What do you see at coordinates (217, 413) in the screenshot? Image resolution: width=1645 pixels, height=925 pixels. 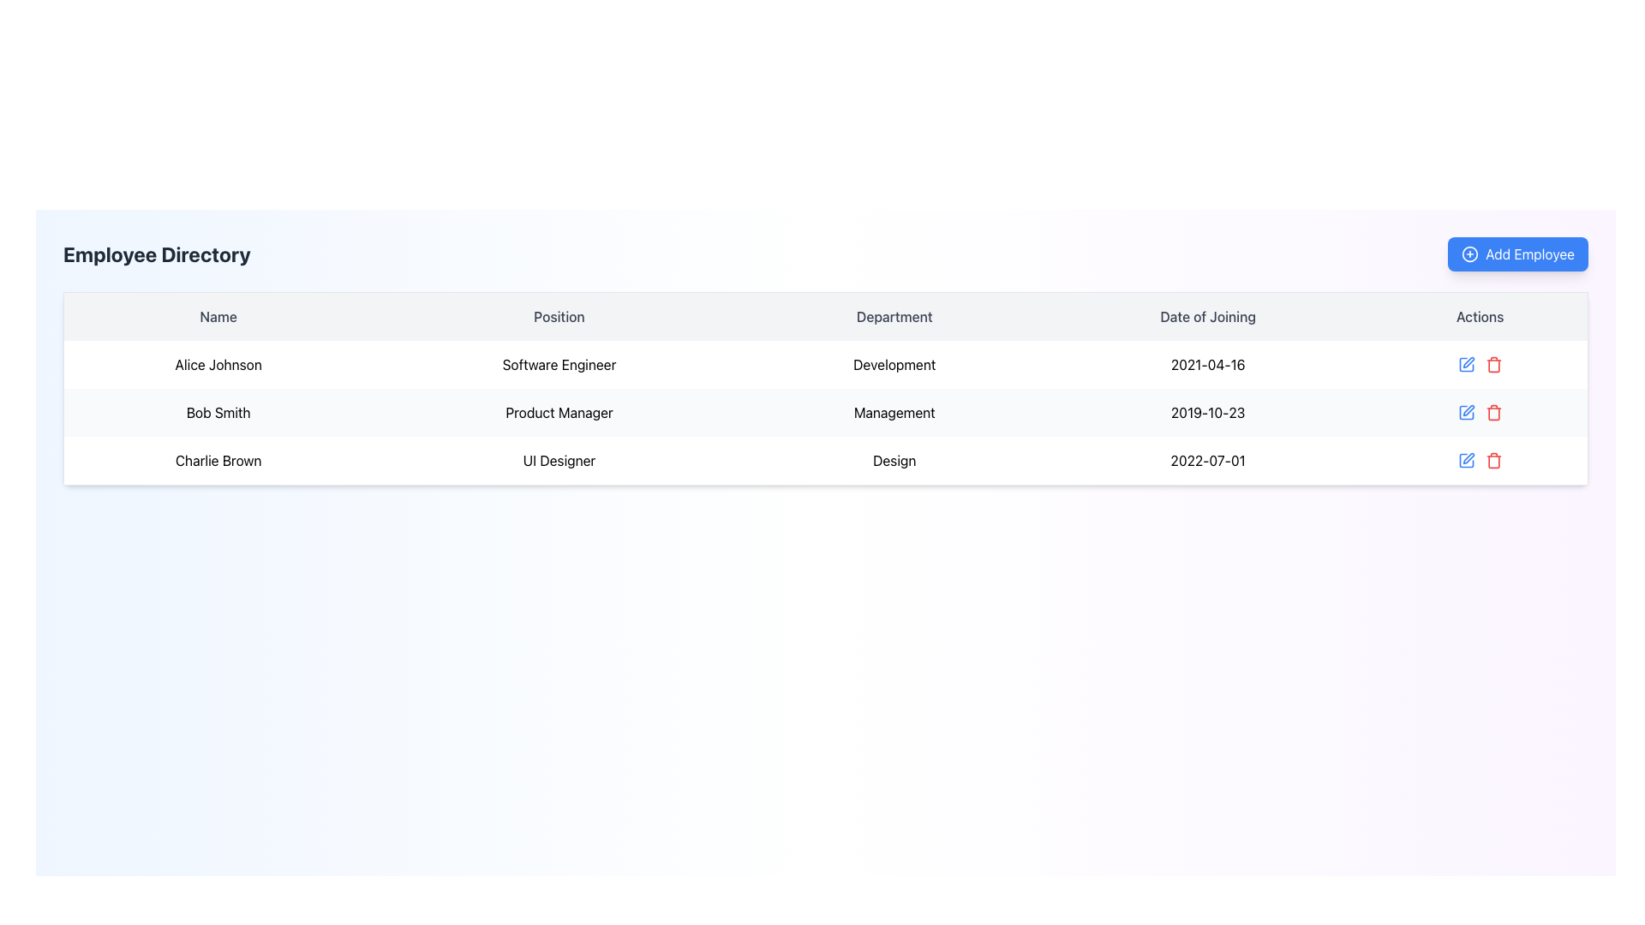 I see `text label displaying the name 'Bob Smith' in the employee directory, which is located in the first cell of the second row of the table under the 'Name' column` at bounding box center [217, 413].